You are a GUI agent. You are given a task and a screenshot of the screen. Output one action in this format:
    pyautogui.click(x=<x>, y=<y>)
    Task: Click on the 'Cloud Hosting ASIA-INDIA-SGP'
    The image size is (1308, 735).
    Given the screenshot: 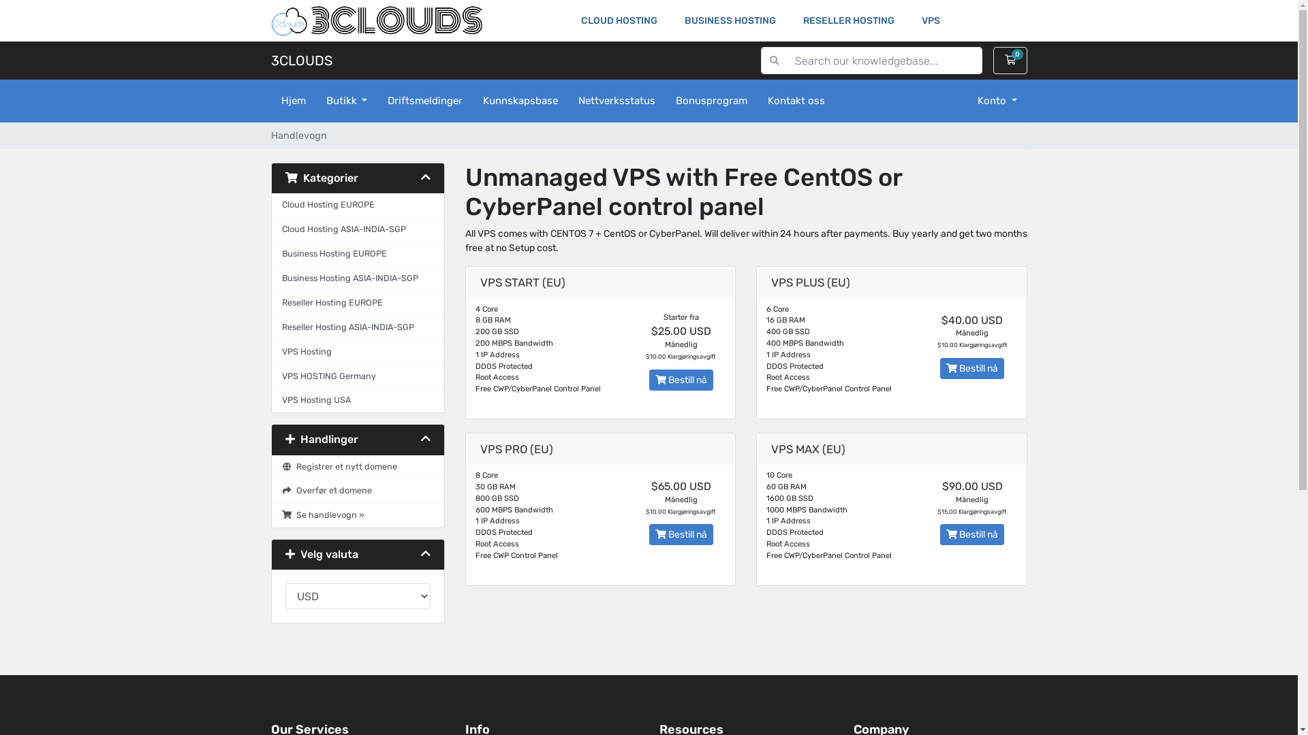 What is the action you would take?
    pyautogui.click(x=271, y=229)
    